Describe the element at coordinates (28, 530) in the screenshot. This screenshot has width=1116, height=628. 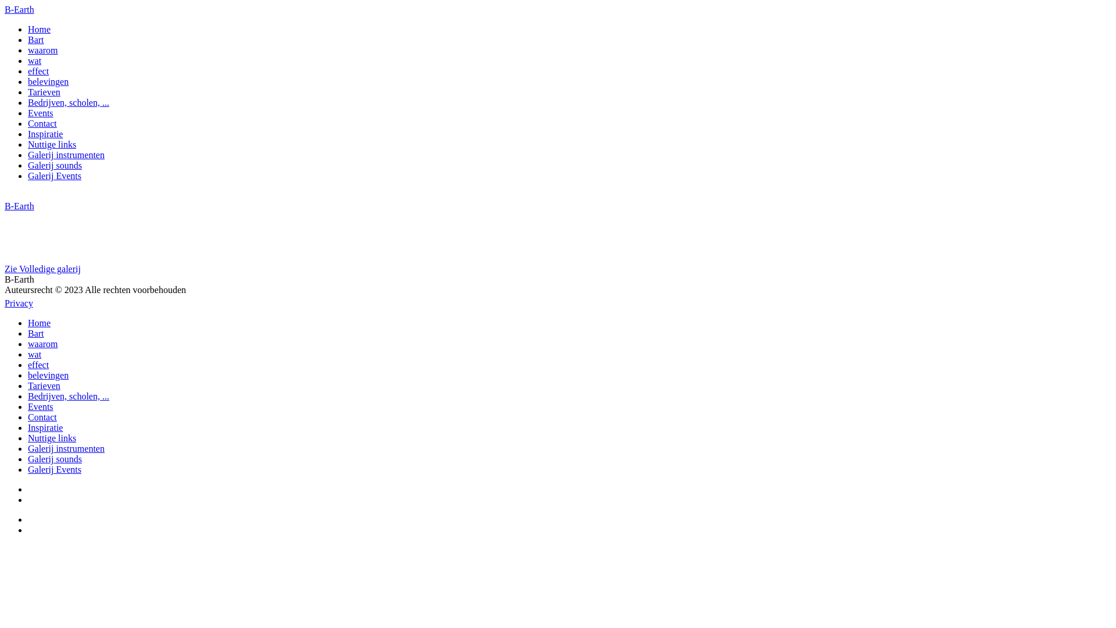
I see `' '` at that location.